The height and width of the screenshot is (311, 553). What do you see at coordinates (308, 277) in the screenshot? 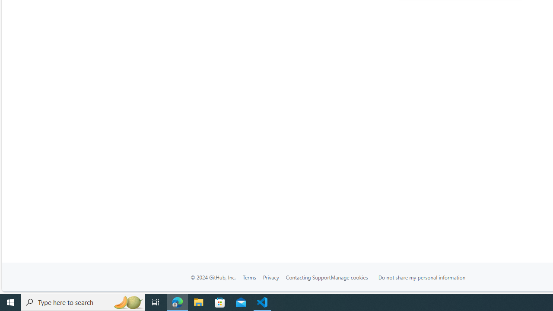
I see `'Contacting Support'` at bounding box center [308, 277].